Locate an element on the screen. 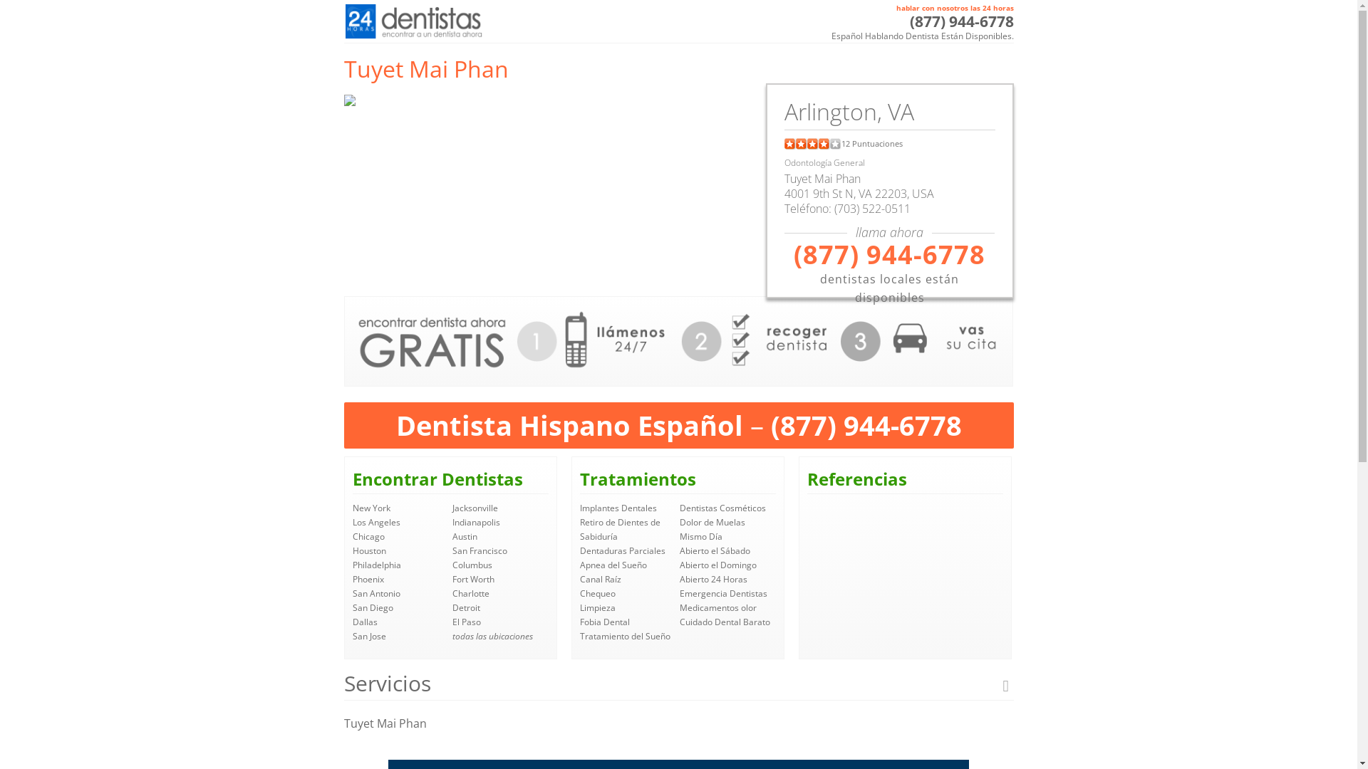 The width and height of the screenshot is (1368, 769). 'Dallas' is located at coordinates (364, 621).